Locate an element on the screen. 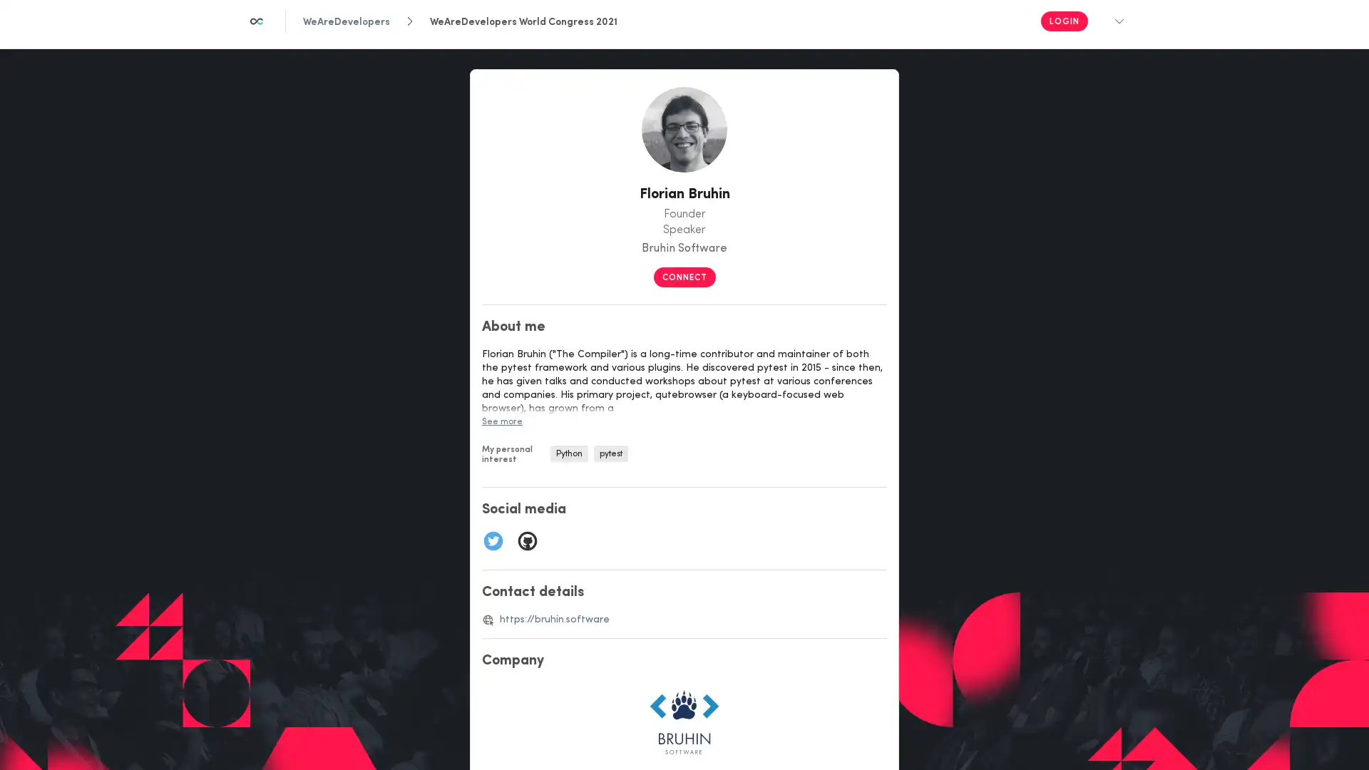 Image resolution: width=1369 pixels, height=770 pixels. CONNECT is located at coordinates (683, 302).